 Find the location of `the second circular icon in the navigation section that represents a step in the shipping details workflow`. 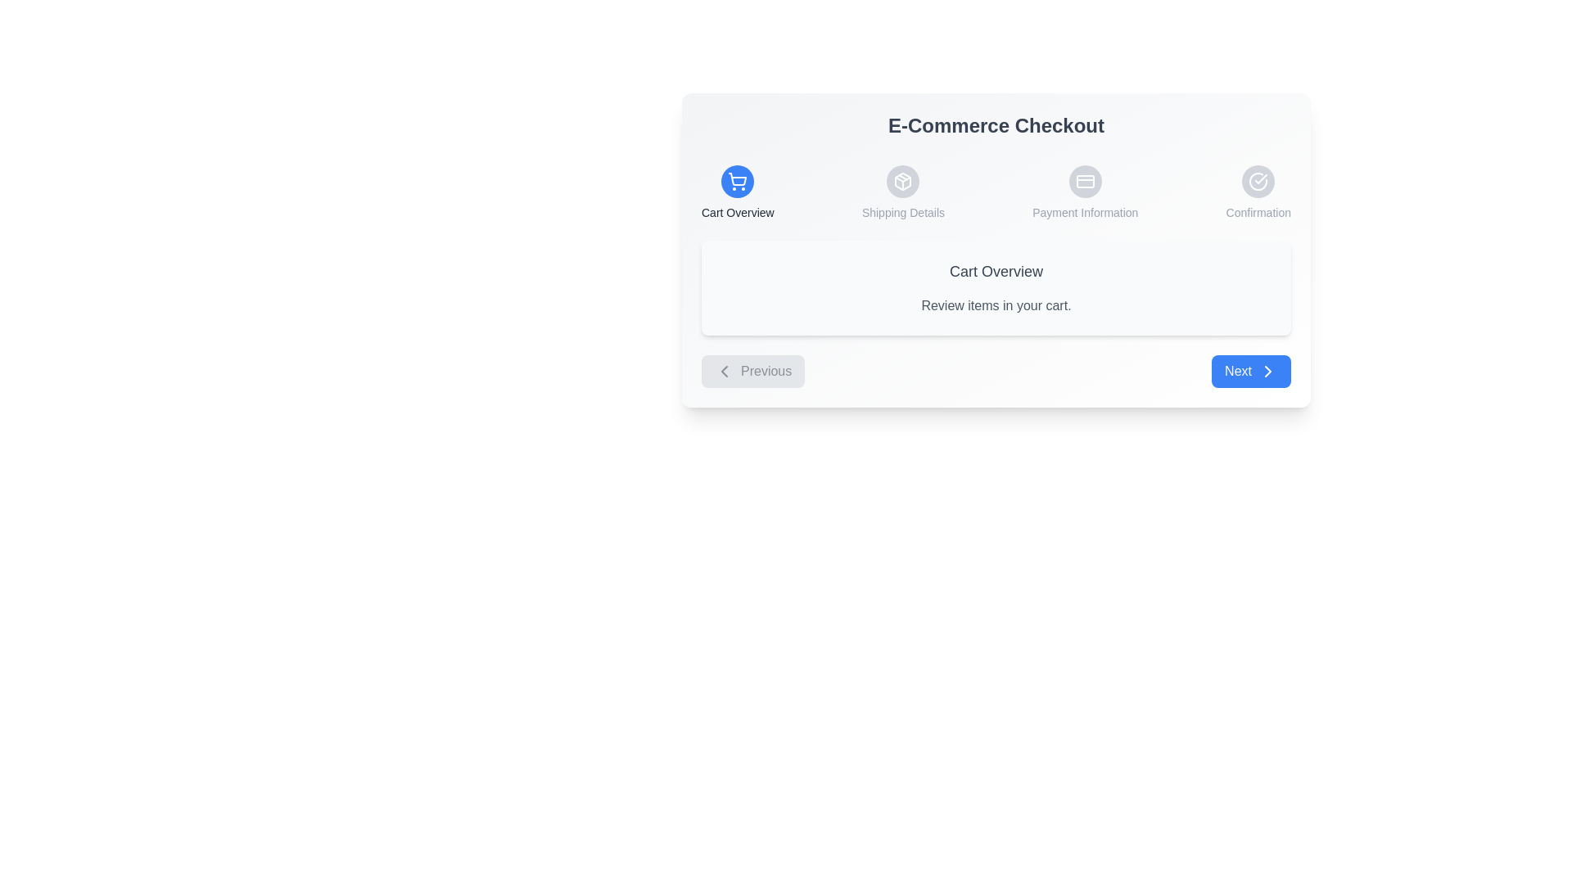

the second circular icon in the navigation section that represents a step in the shipping details workflow is located at coordinates (902, 182).